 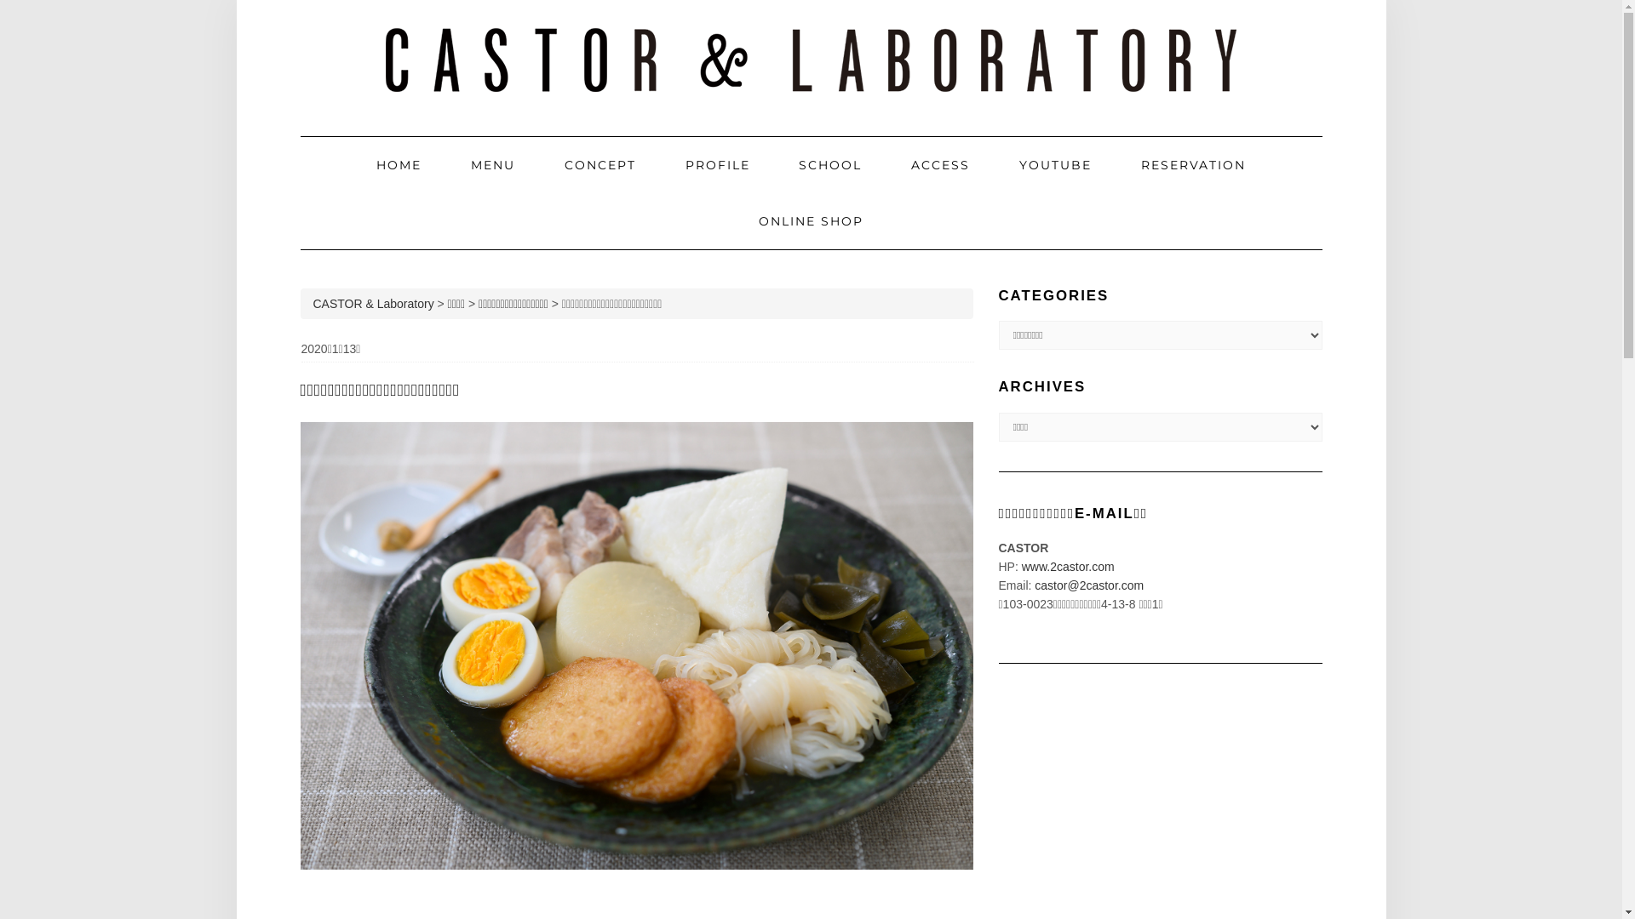 I want to click on 'www.2castor.com', so click(x=1067, y=567).